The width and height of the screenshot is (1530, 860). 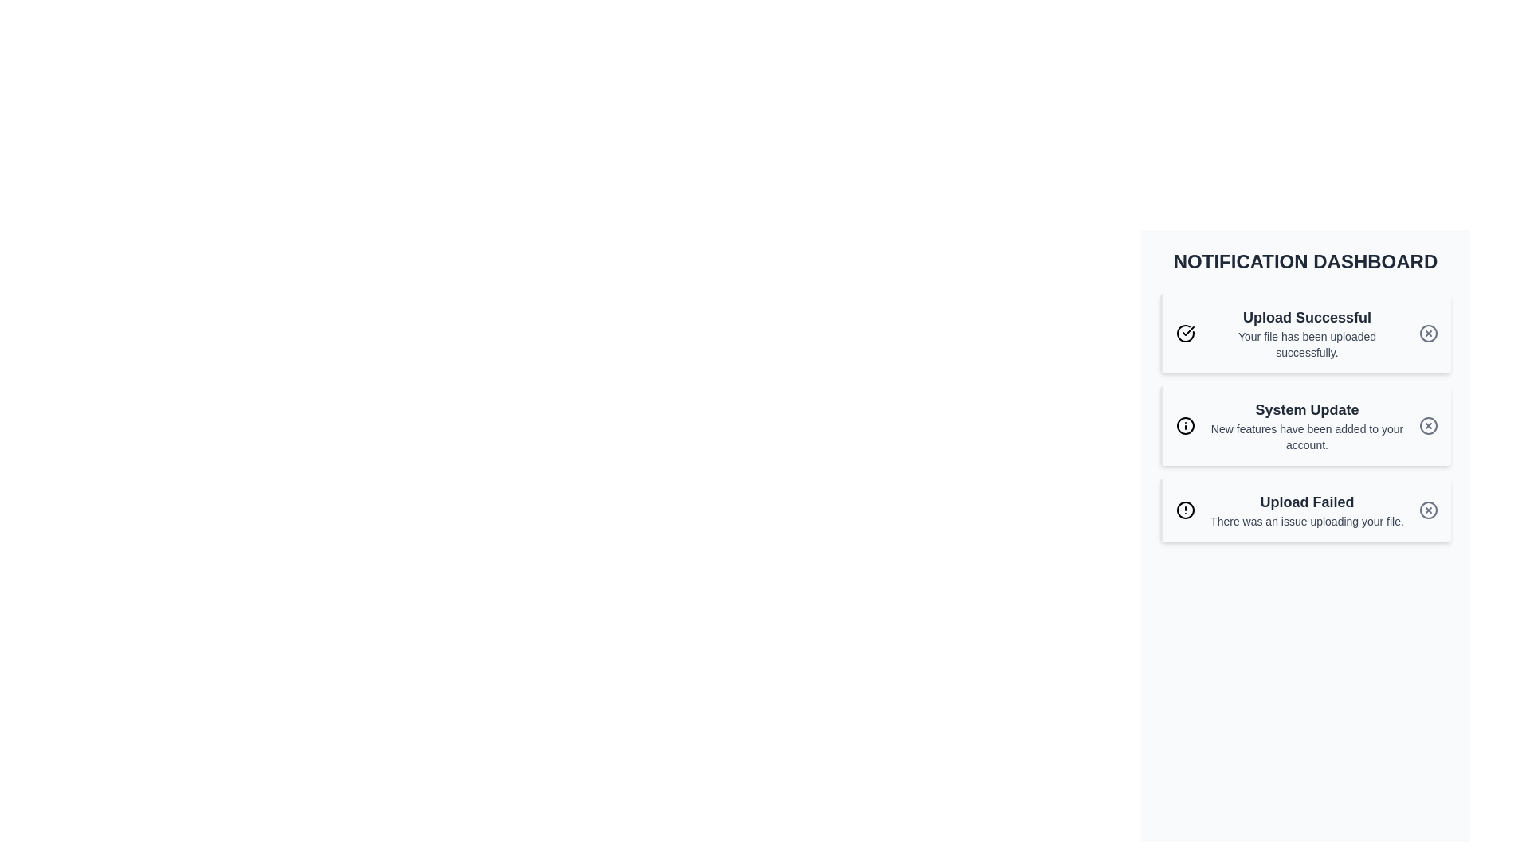 I want to click on the title text in the third notification block that summarizes a failed upload event, so click(x=1307, y=502).